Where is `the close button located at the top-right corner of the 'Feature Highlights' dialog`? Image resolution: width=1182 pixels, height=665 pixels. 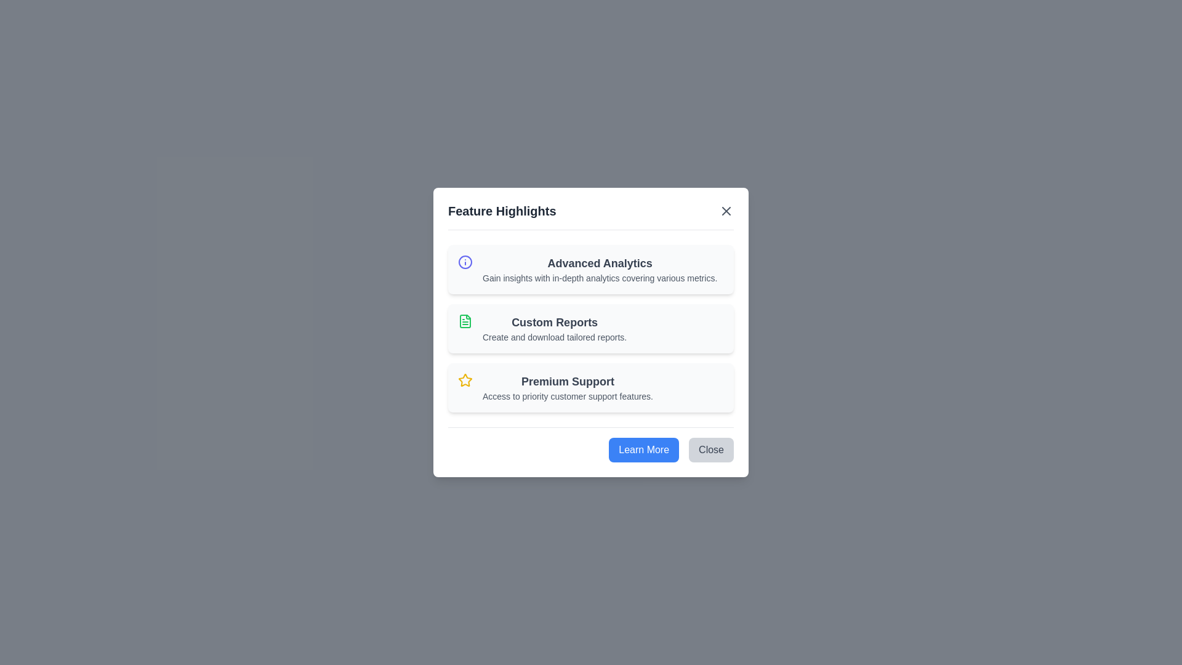 the close button located at the top-right corner of the 'Feature Highlights' dialog is located at coordinates (726, 211).